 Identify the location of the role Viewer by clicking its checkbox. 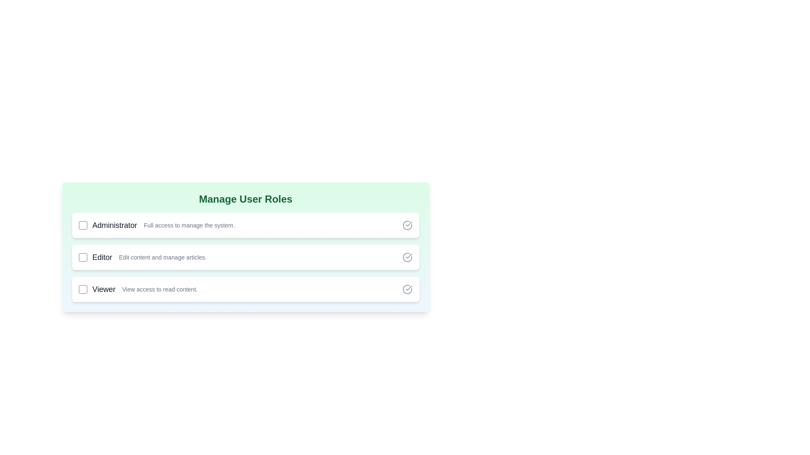
(83, 289).